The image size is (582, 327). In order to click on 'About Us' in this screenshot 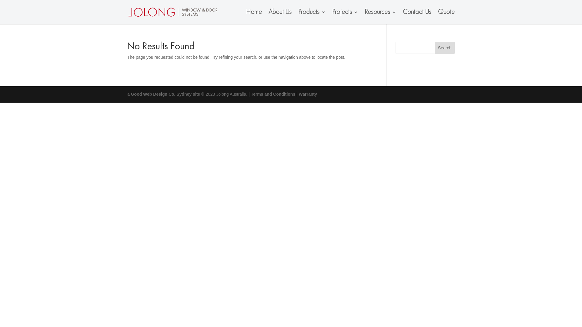, I will do `click(280, 17)`.